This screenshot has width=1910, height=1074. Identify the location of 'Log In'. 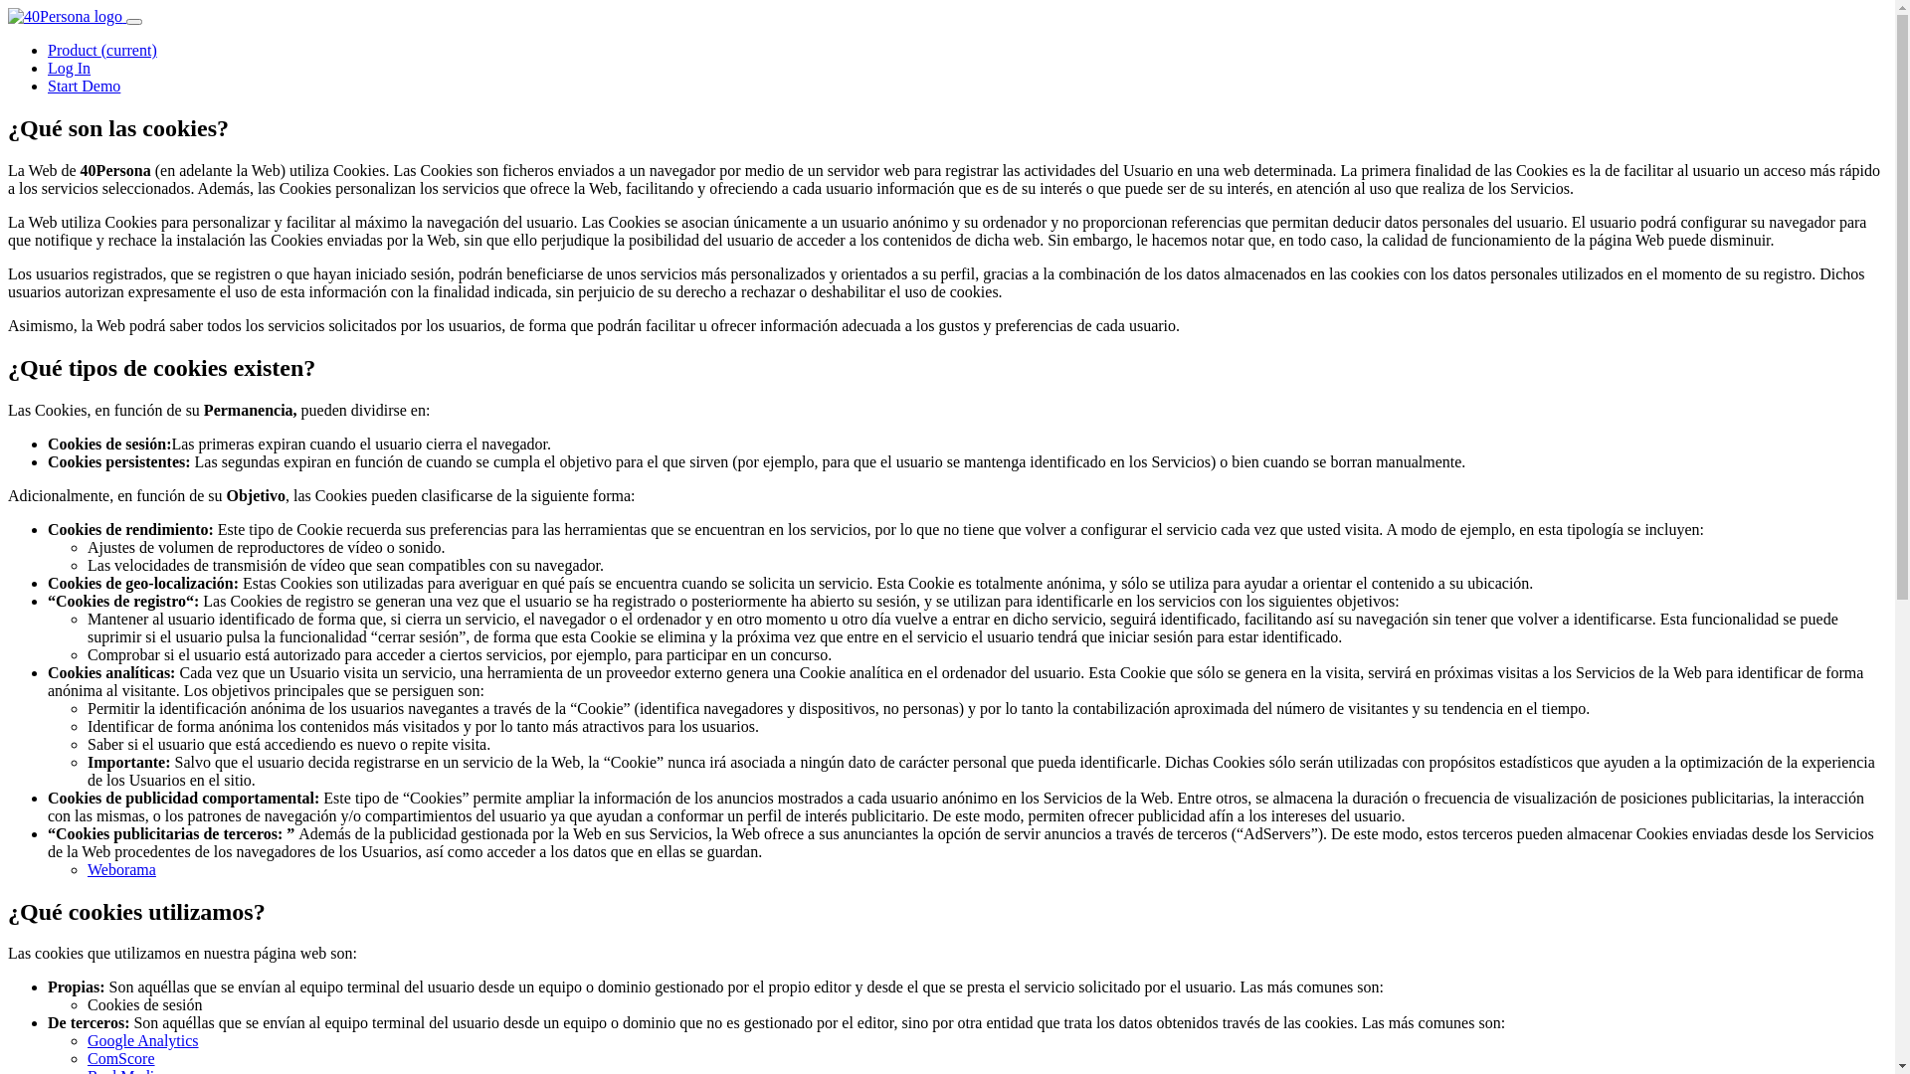
(48, 67).